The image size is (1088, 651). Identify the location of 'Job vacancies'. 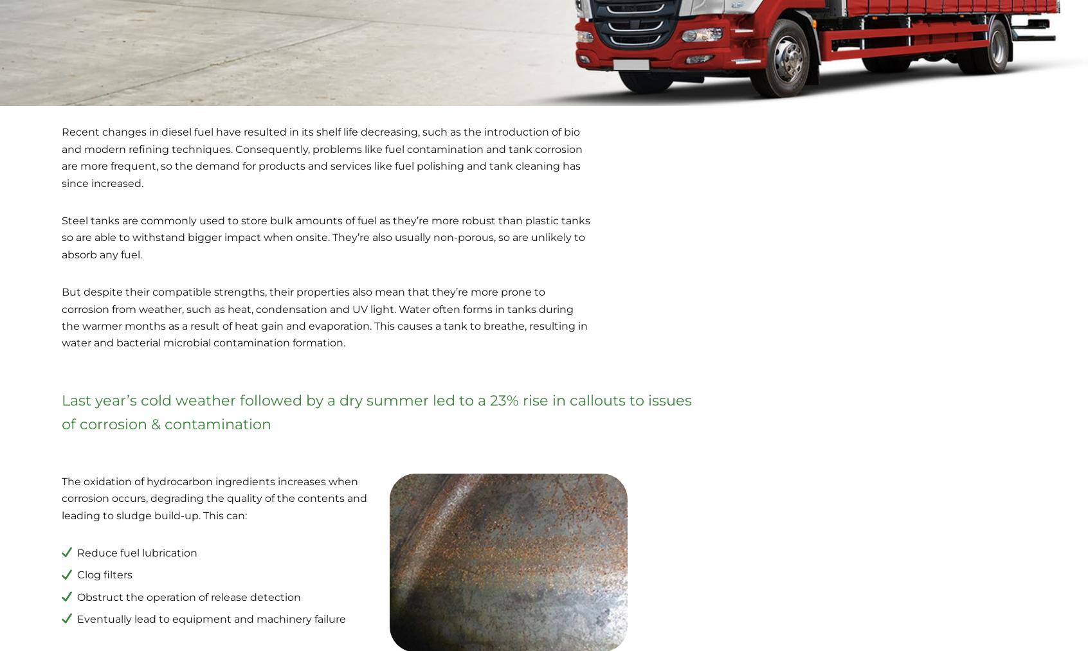
(588, 560).